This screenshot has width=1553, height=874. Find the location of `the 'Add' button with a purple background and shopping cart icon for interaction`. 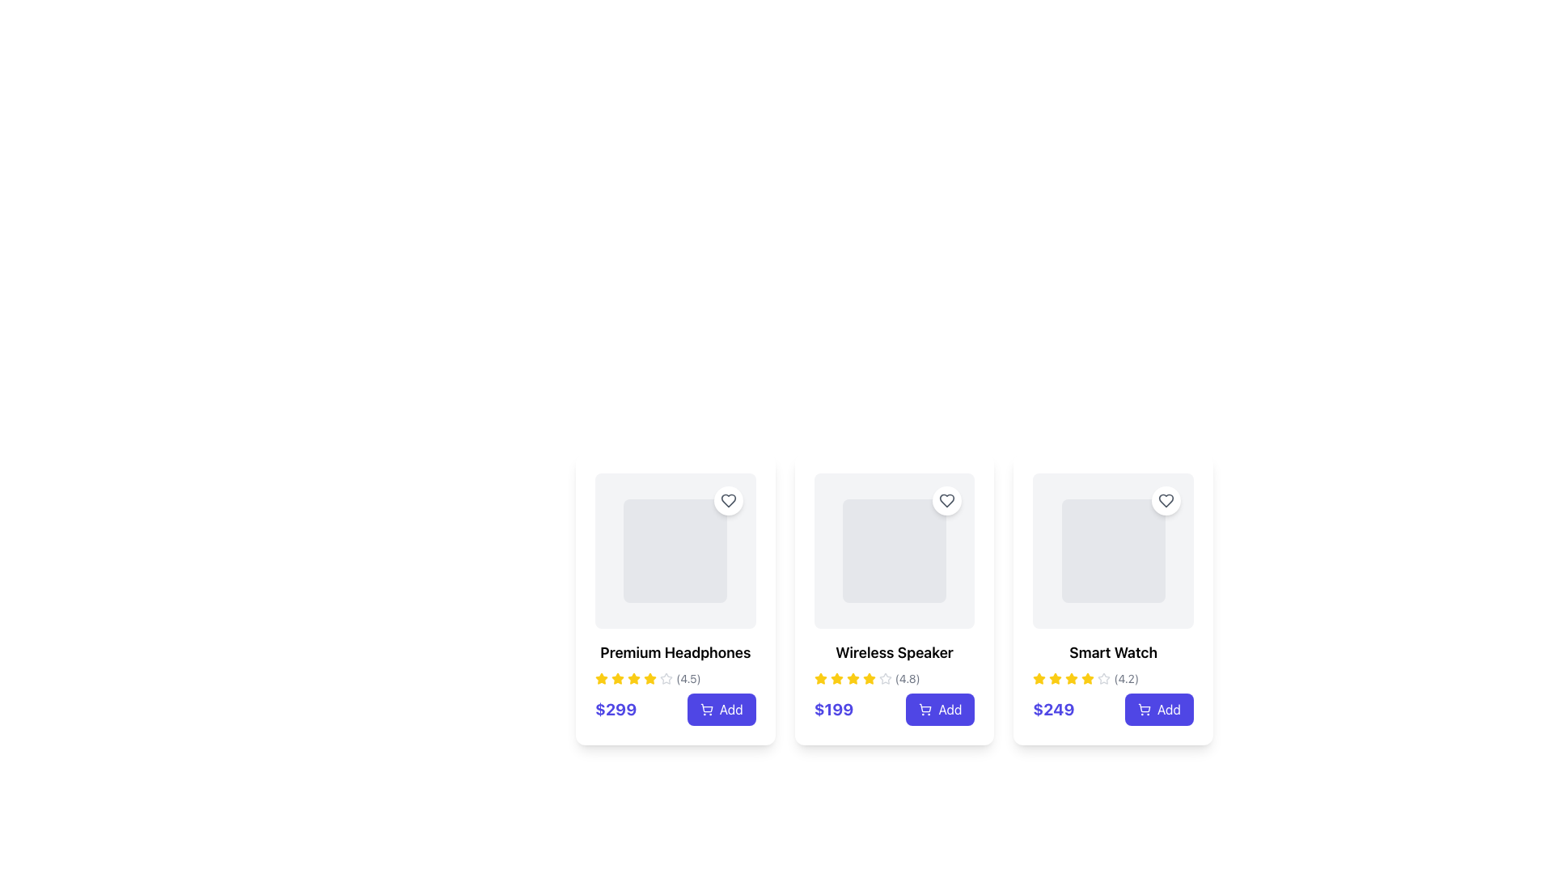

the 'Add' button with a purple background and shopping cart icon for interaction is located at coordinates (721, 708).